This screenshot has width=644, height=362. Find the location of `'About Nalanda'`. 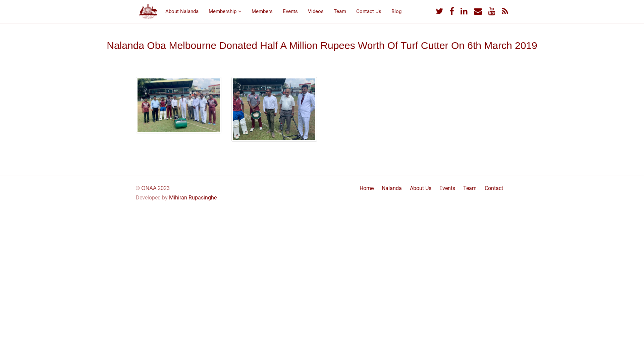

'About Nalanda' is located at coordinates (182, 11).